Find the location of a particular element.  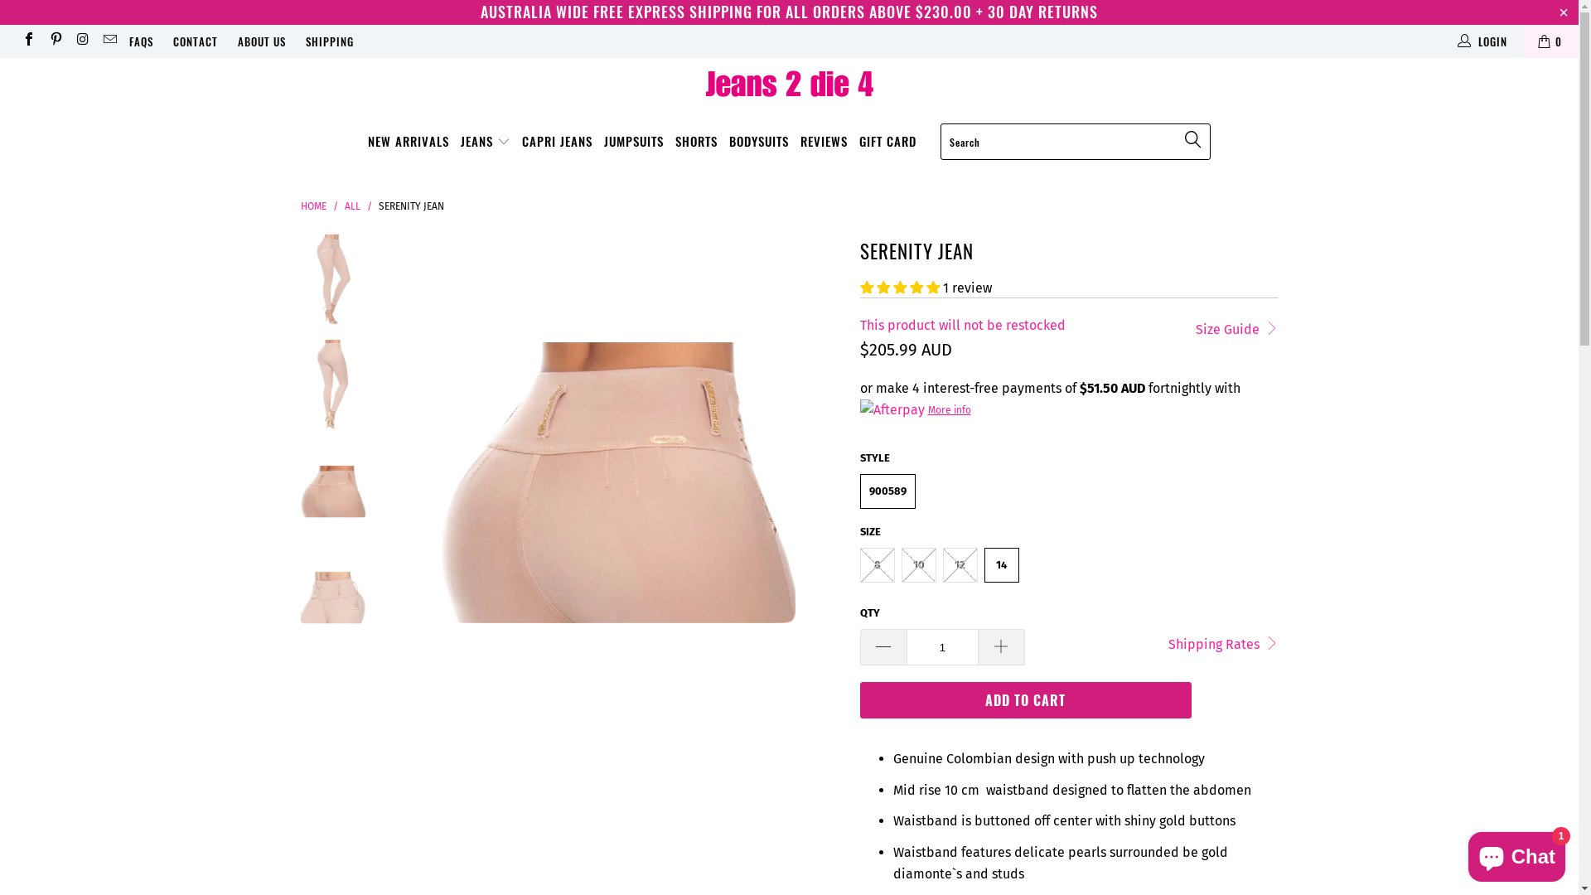

'ALL' is located at coordinates (351, 206).